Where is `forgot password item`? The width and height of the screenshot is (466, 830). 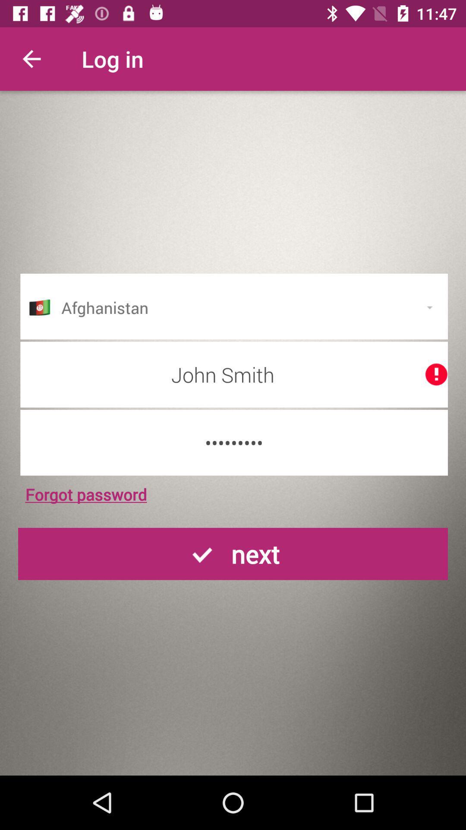 forgot password item is located at coordinates (86, 494).